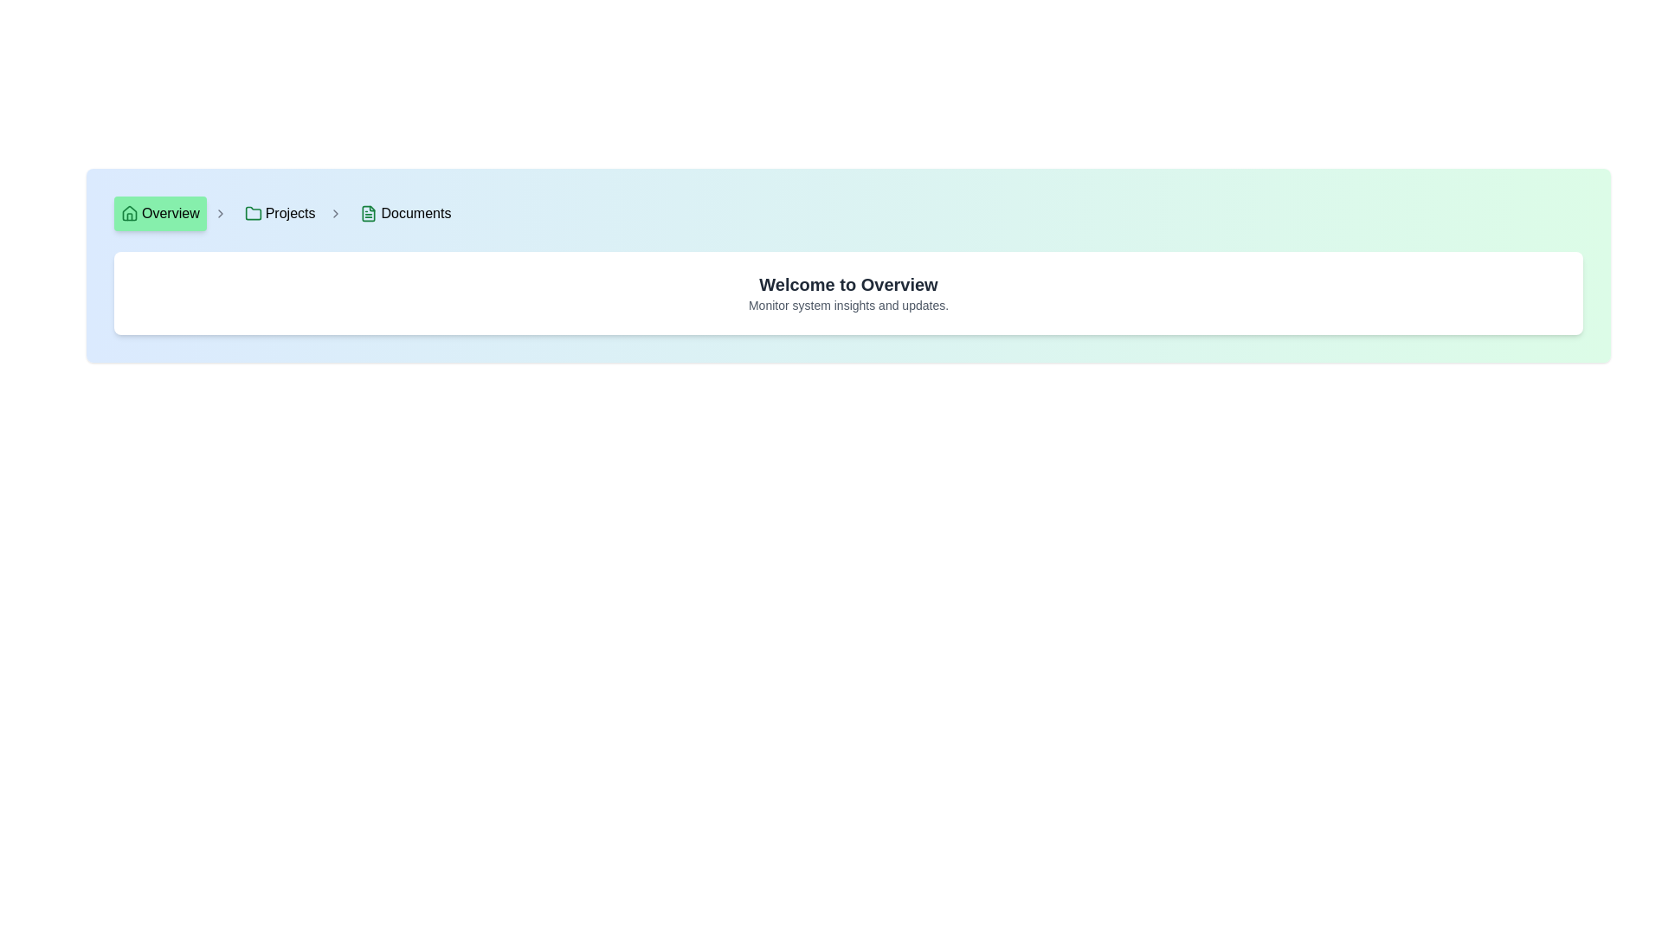 The height and width of the screenshot is (935, 1662). What do you see at coordinates (368, 212) in the screenshot?
I see `the document icon SVG graphic located in the breadcrumb navigation bar, which is positioned between the 'Projects' and 'Documents' labels` at bounding box center [368, 212].